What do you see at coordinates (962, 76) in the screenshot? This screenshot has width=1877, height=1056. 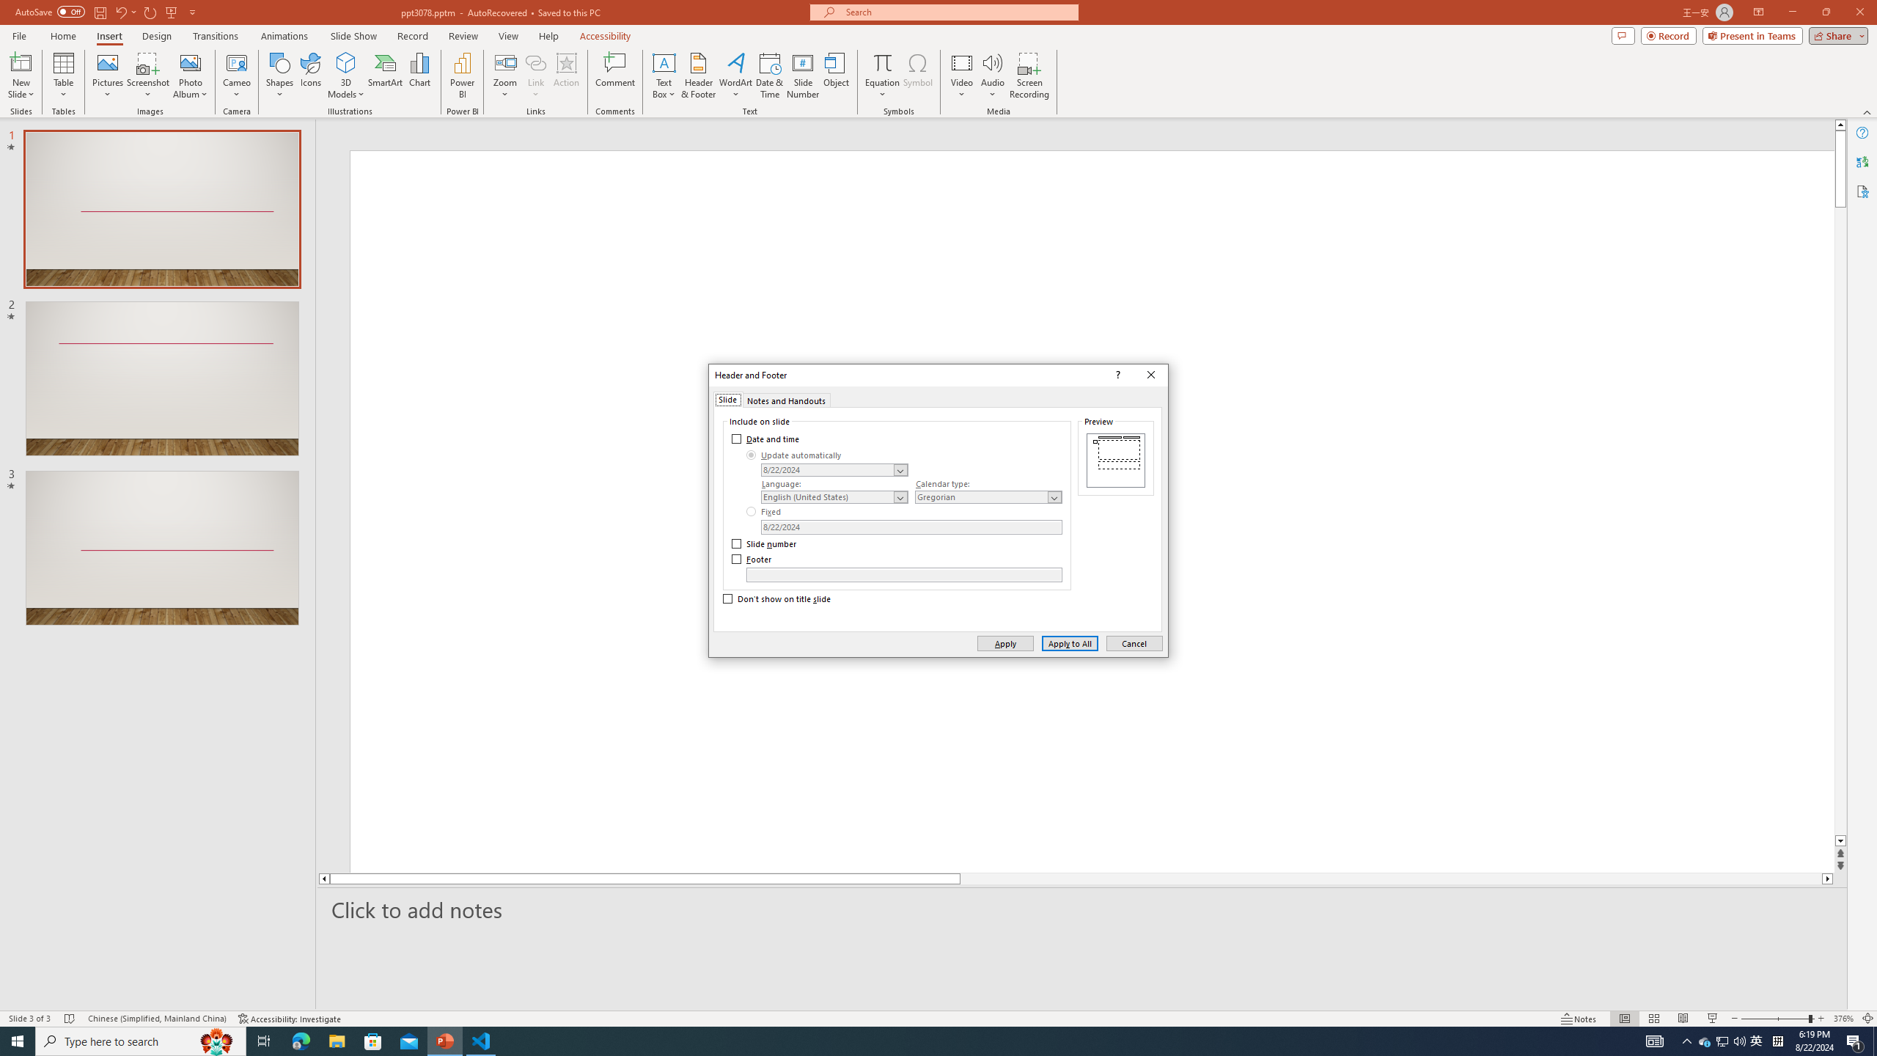 I see `'Video'` at bounding box center [962, 76].